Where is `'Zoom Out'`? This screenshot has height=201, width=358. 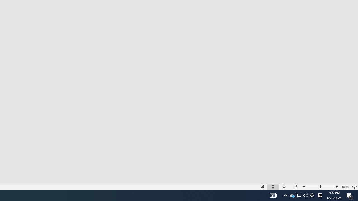 'Zoom Out' is located at coordinates (312, 187).